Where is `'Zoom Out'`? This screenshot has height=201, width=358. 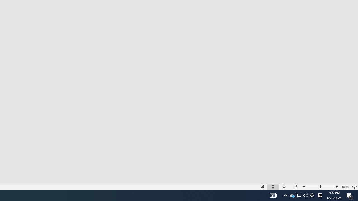 'Zoom Out' is located at coordinates (312, 187).